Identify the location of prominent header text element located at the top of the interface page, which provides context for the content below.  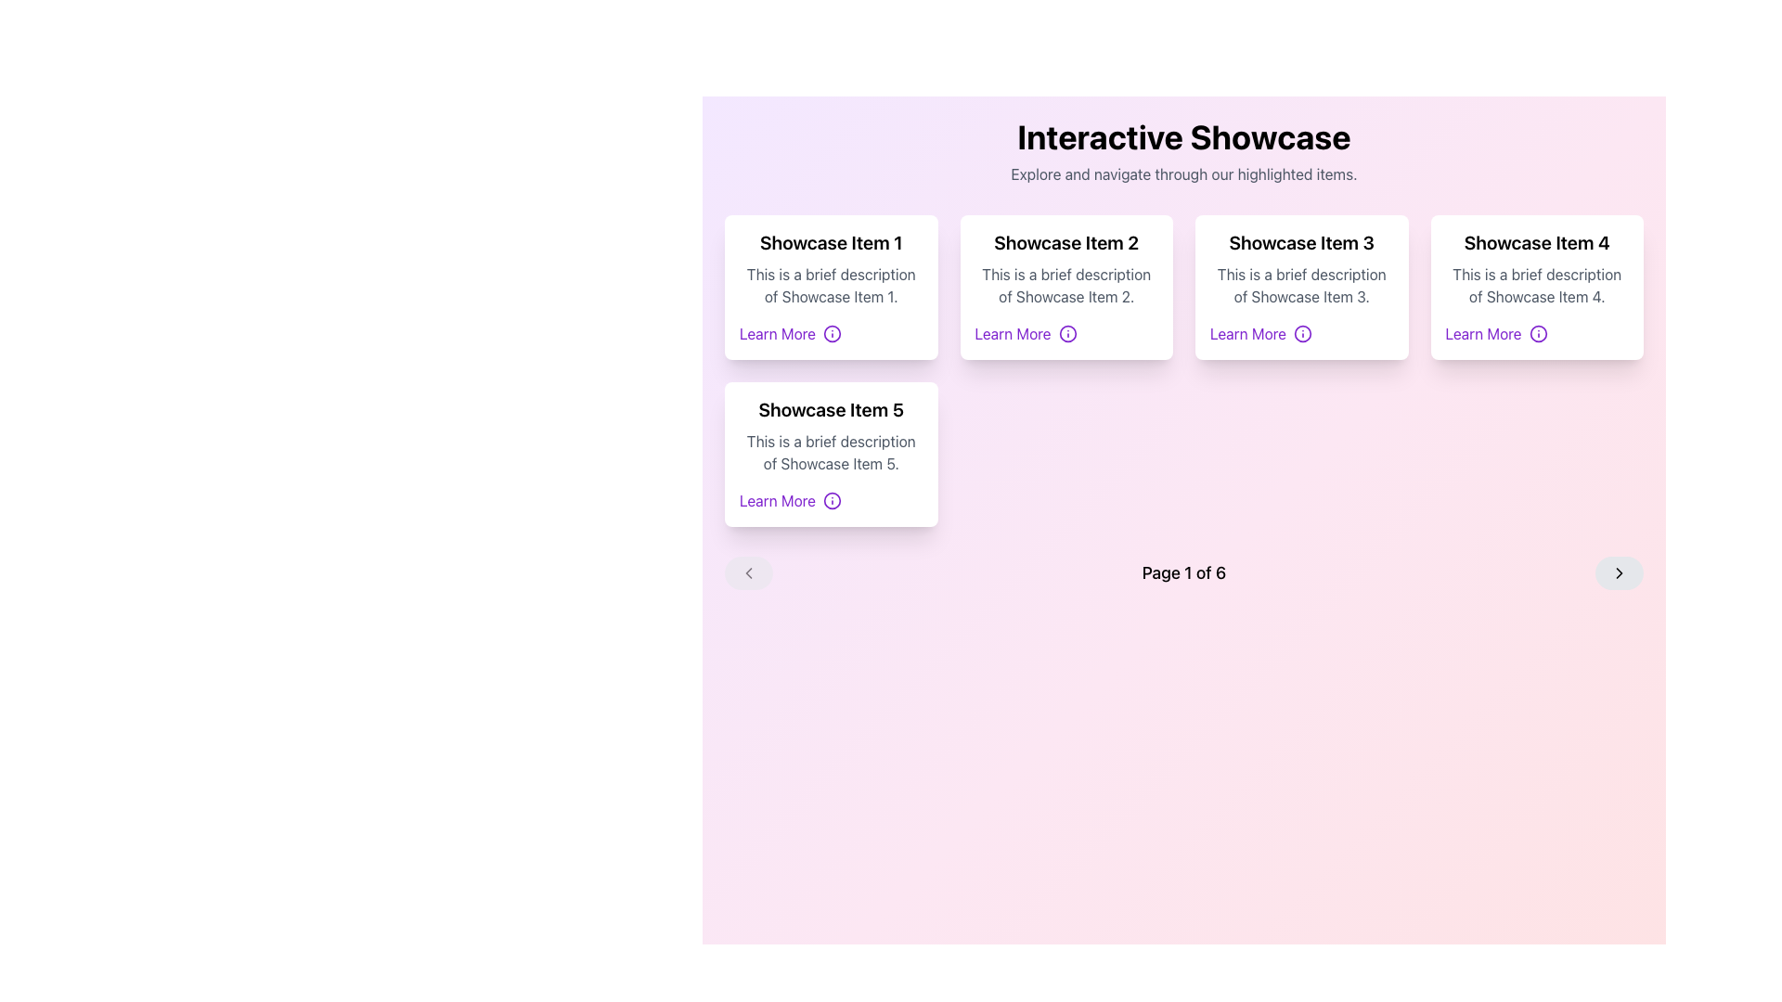
(1183, 135).